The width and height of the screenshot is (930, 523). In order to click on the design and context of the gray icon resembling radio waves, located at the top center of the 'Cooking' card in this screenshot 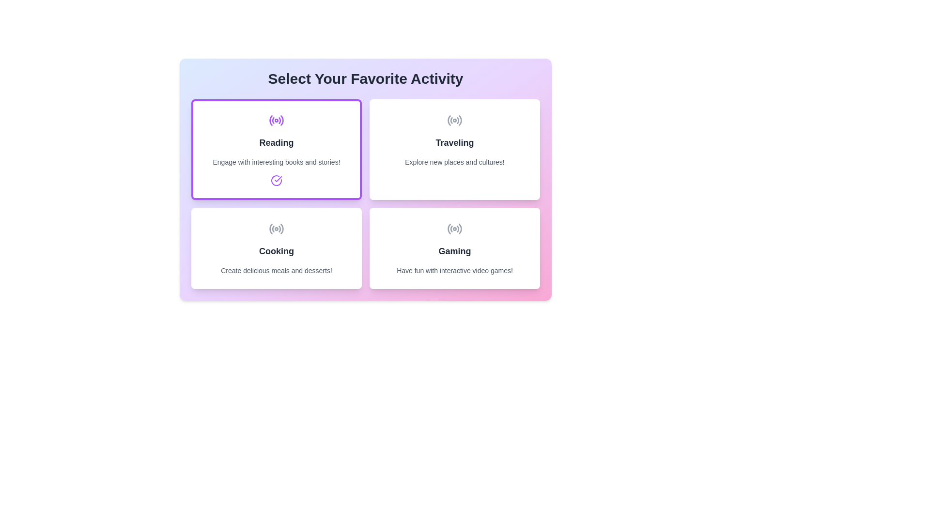, I will do `click(276, 229)`.